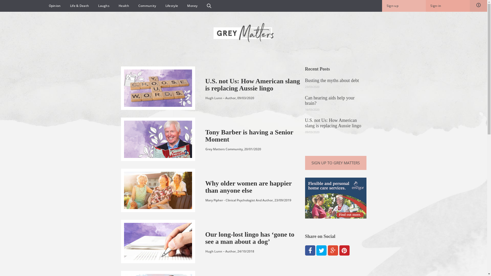  What do you see at coordinates (335, 163) in the screenshot?
I see `'SIGN UP TO GREY MATTERS'` at bounding box center [335, 163].